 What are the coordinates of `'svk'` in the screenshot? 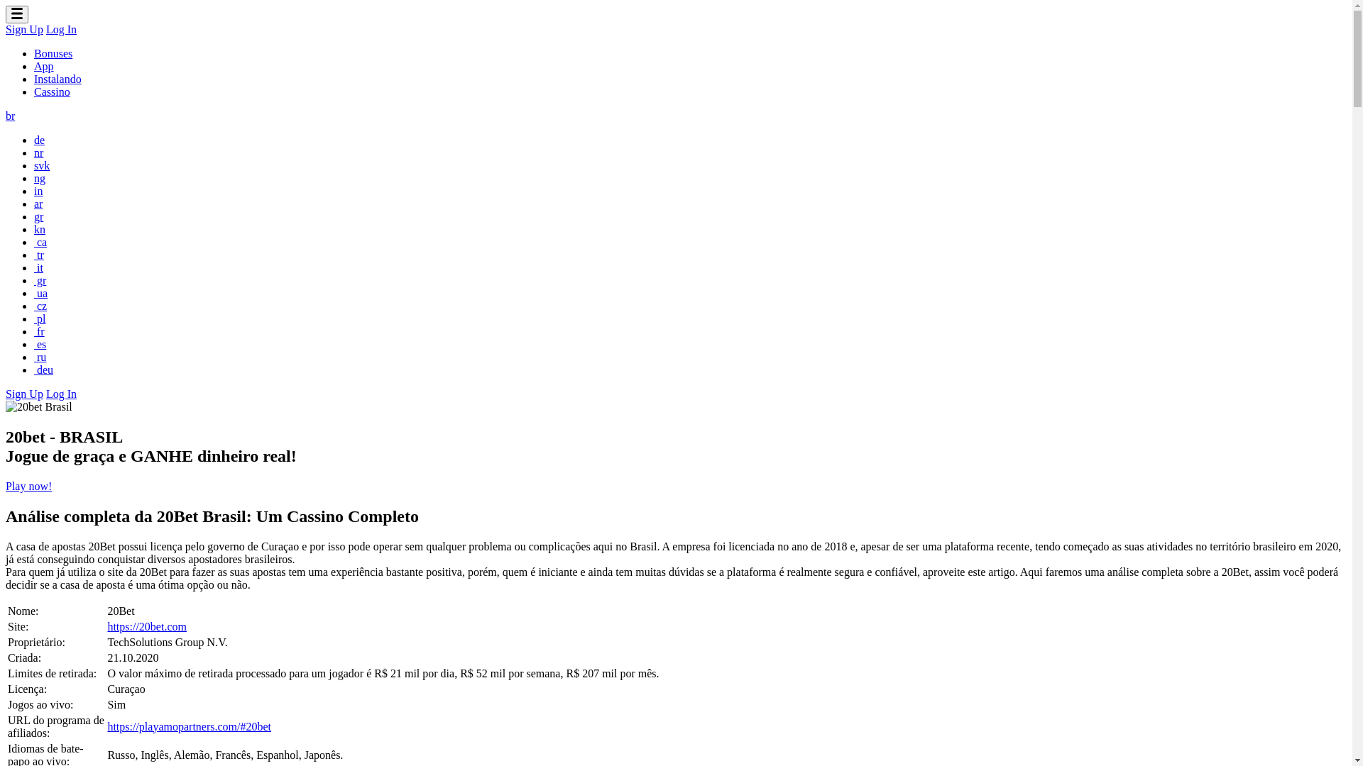 It's located at (41, 165).